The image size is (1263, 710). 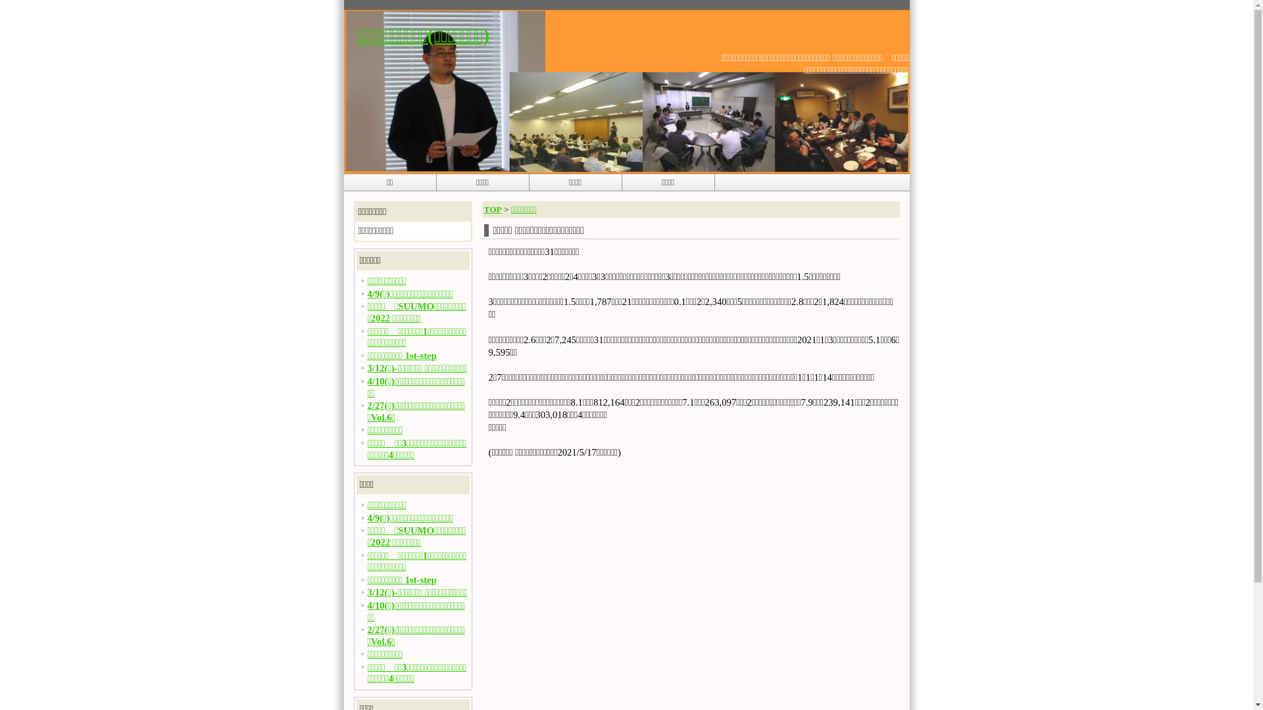 I want to click on 'TOP', so click(x=492, y=208).